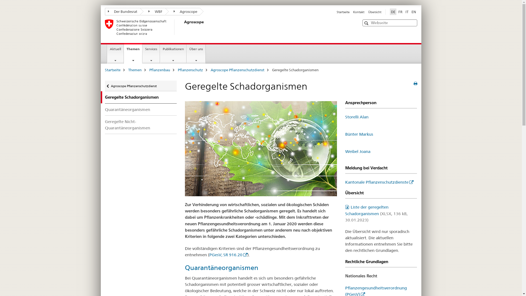 This screenshot has height=296, width=526. What do you see at coordinates (404, 12) in the screenshot?
I see `'IT'` at bounding box center [404, 12].